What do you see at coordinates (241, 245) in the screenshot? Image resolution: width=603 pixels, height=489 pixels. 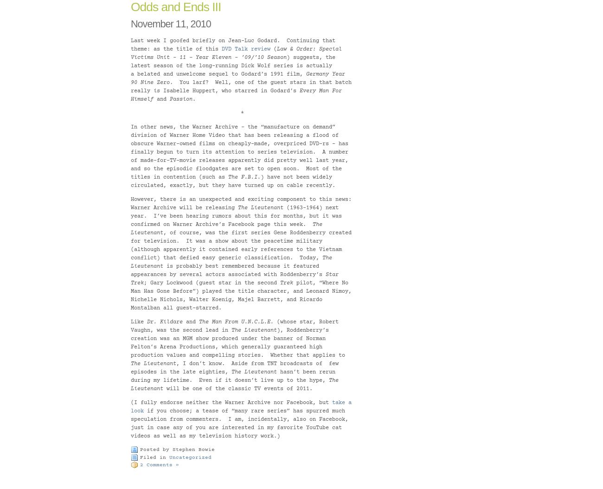 I see `', of course, was the first series Gene Roddenberry created for television.  It was a show about the peacetime military (although apparently it contained early references to the Vietnam conflict) that defied easy generic classification.  Today,'` at bounding box center [241, 245].